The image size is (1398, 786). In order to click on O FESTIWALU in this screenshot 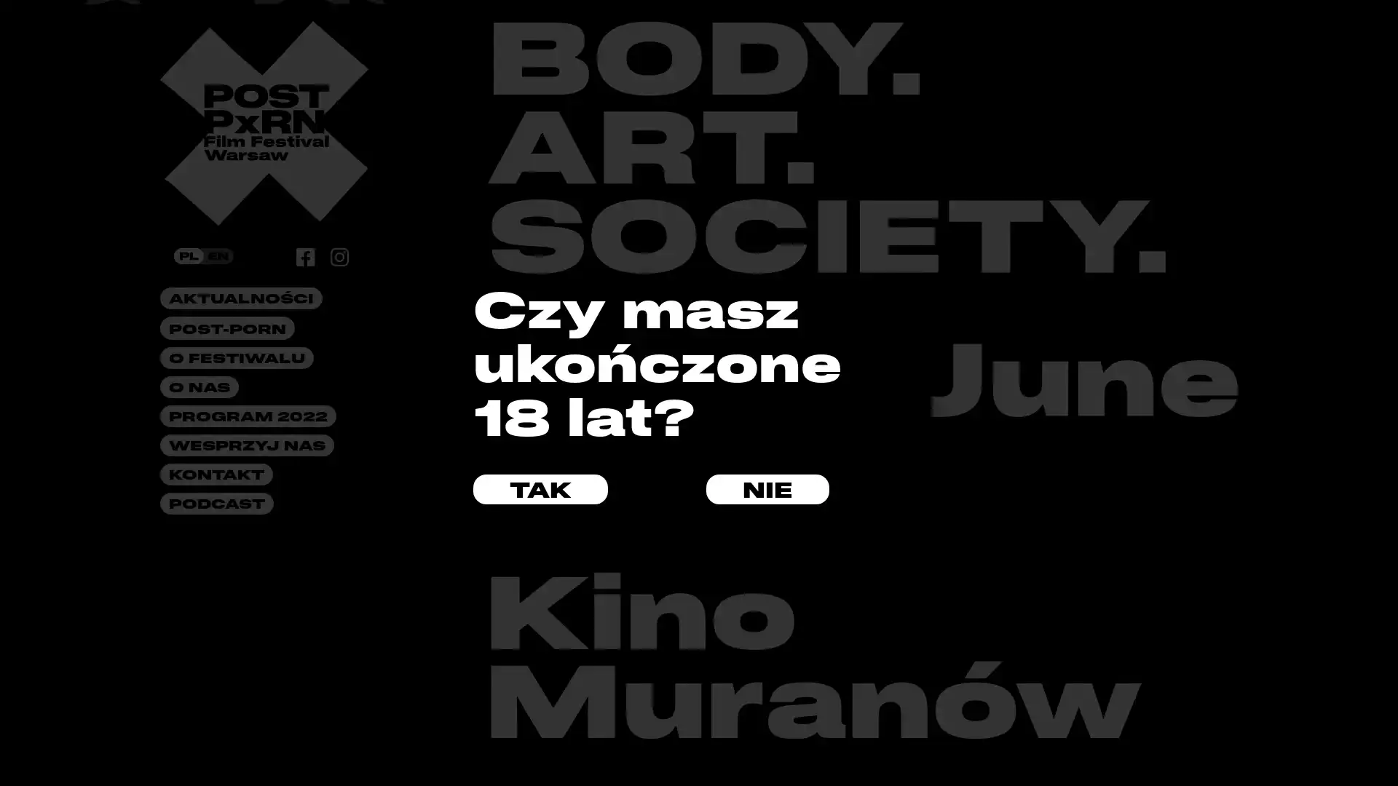, I will do `click(237, 358)`.